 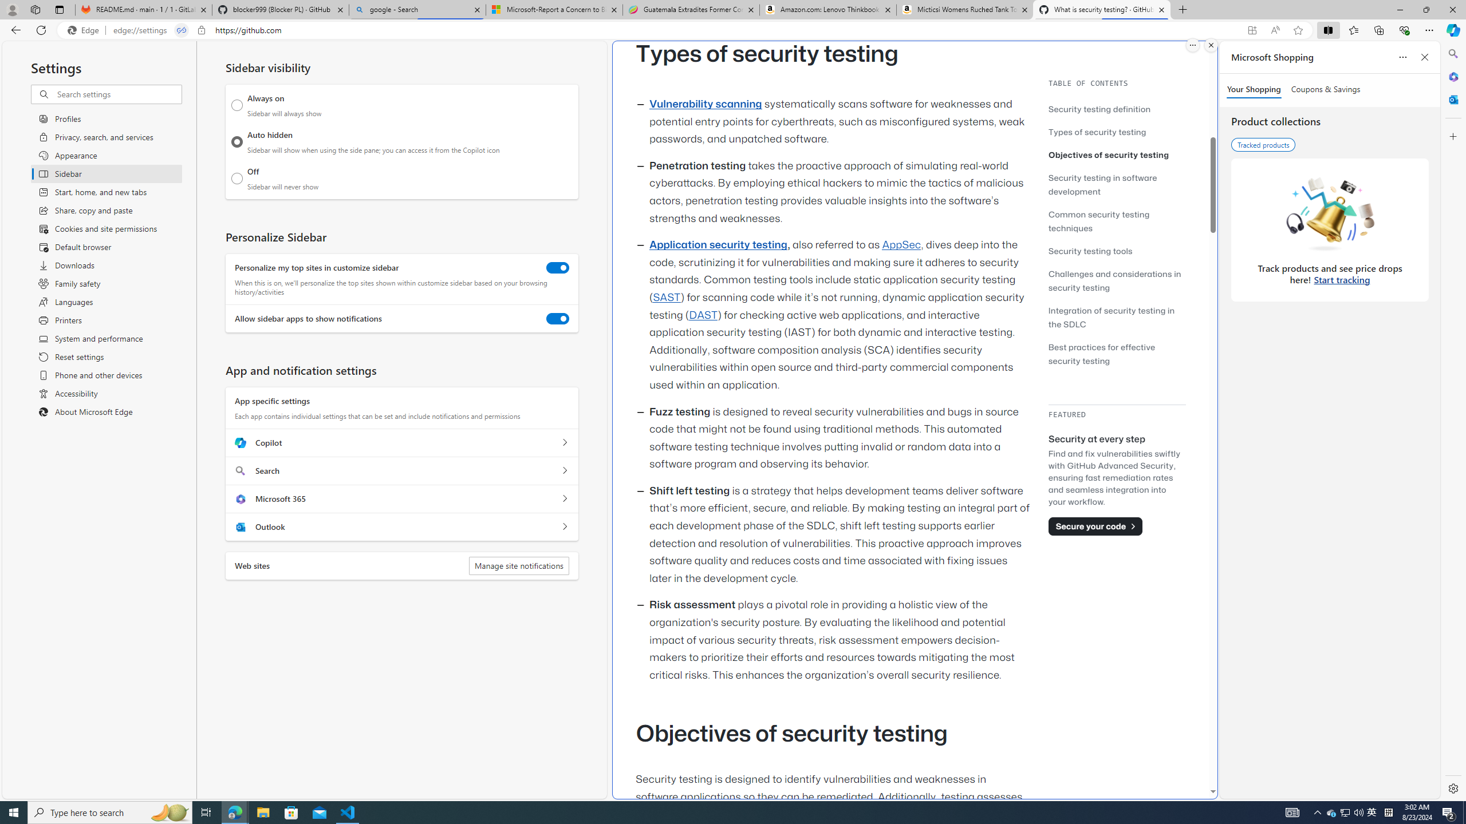 I want to click on 'Application security testing', so click(x=718, y=245).